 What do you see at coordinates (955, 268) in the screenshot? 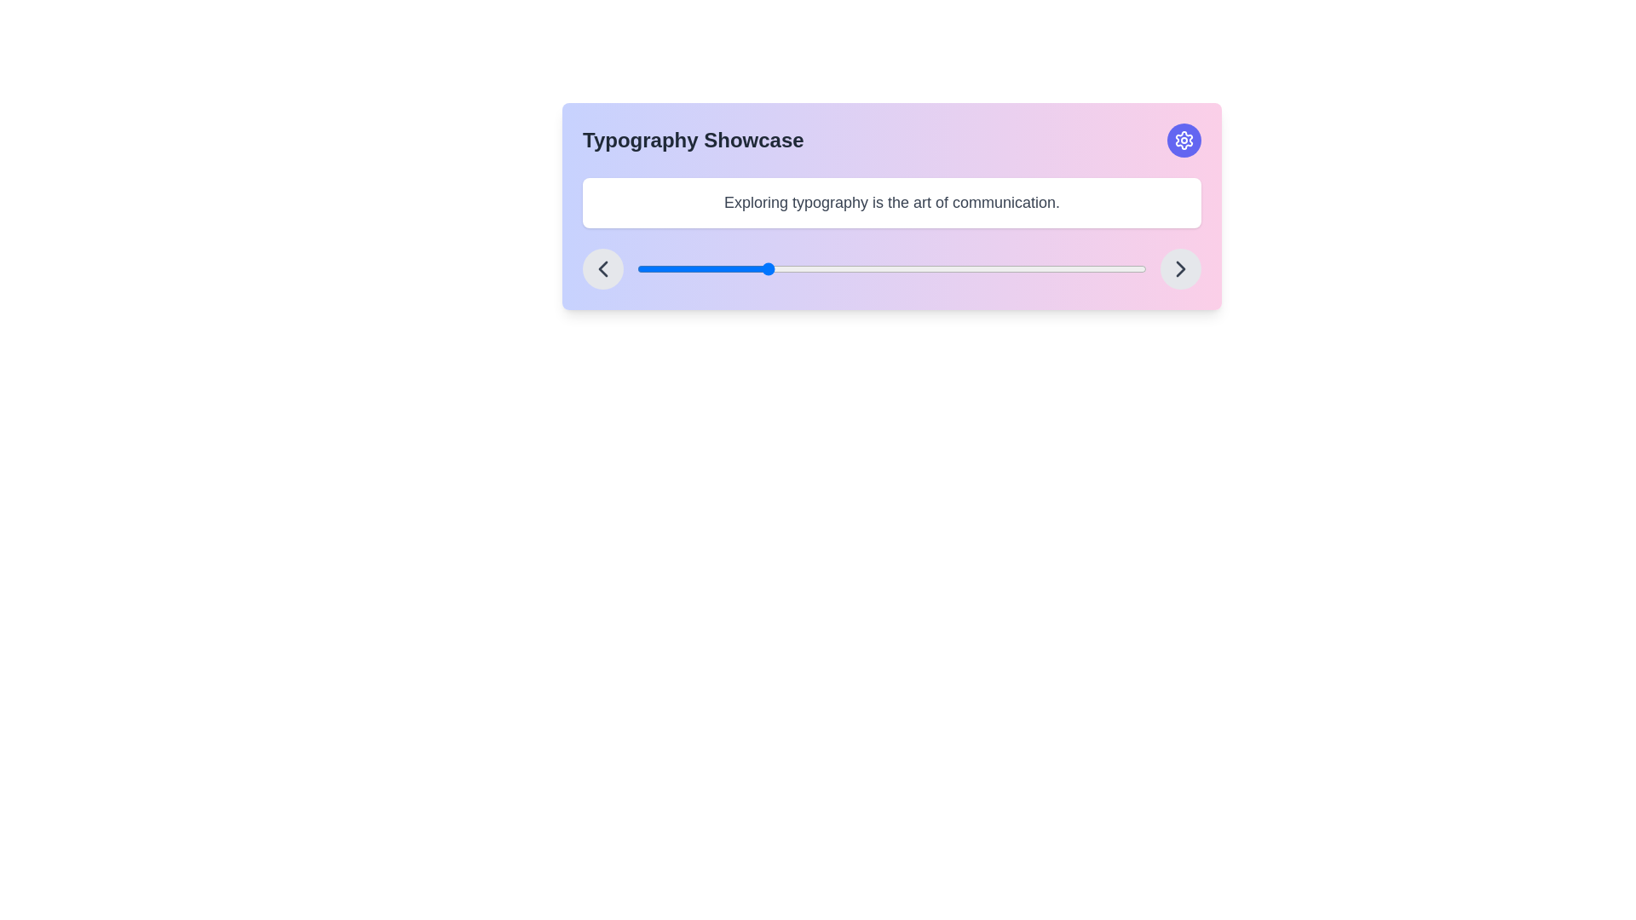
I see `the slider` at bounding box center [955, 268].